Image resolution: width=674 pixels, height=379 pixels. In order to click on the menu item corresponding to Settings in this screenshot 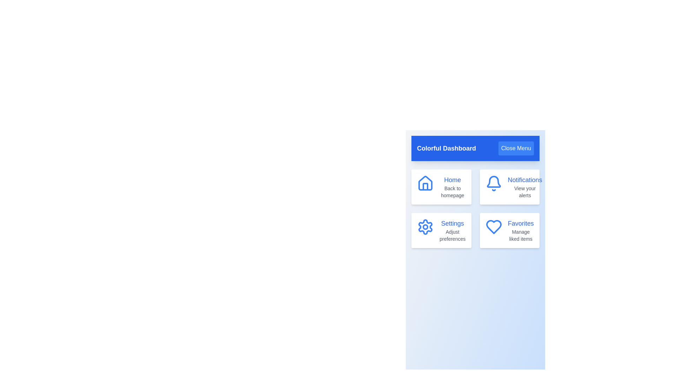, I will do `click(441, 230)`.